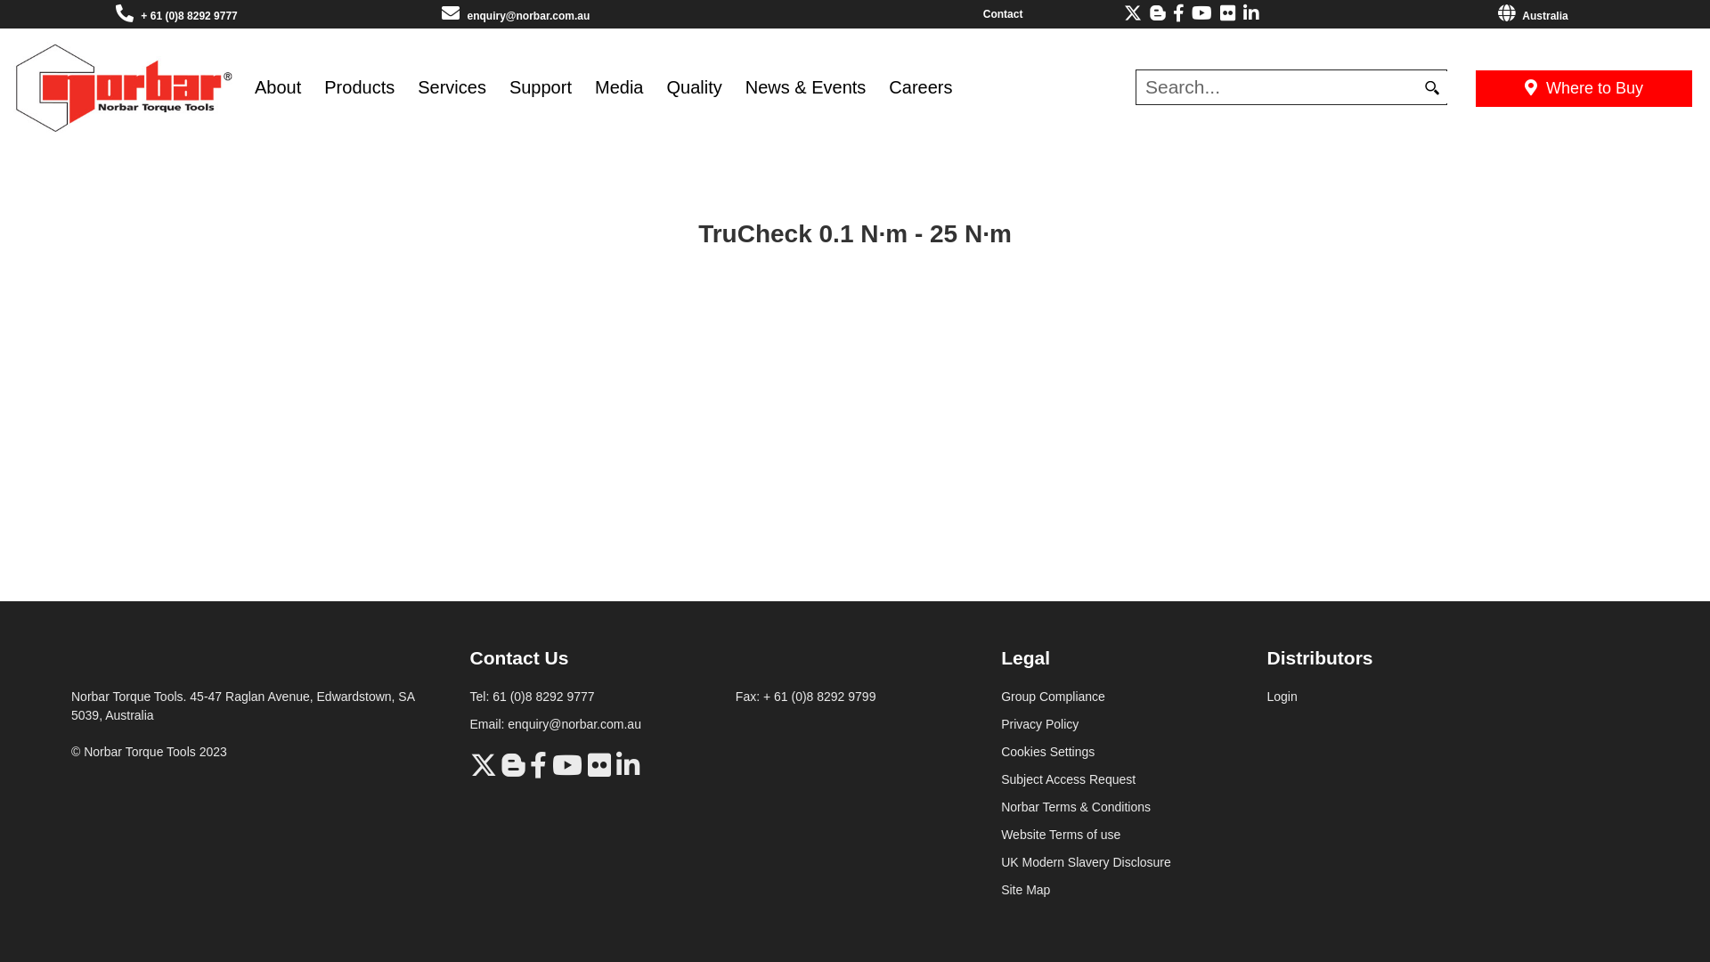 Image resolution: width=1710 pixels, height=962 pixels. Describe the element at coordinates (1060, 835) in the screenshot. I see `'Website Terms of use'` at that location.